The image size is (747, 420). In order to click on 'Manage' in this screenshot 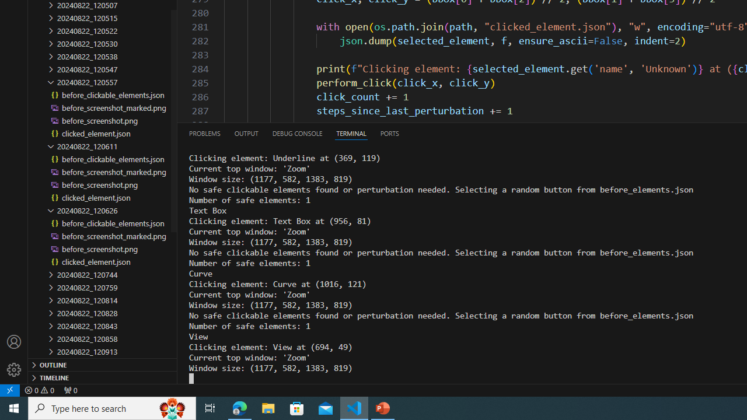, I will do `click(14, 369)`.